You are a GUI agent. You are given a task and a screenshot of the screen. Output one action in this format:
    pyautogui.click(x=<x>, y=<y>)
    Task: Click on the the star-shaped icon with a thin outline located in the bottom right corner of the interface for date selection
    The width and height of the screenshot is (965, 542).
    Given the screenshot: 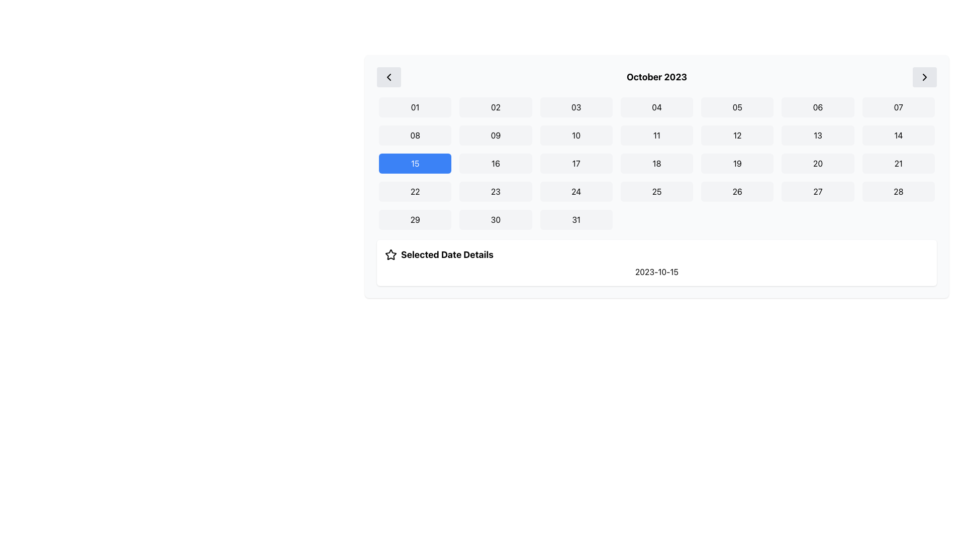 What is the action you would take?
    pyautogui.click(x=390, y=254)
    